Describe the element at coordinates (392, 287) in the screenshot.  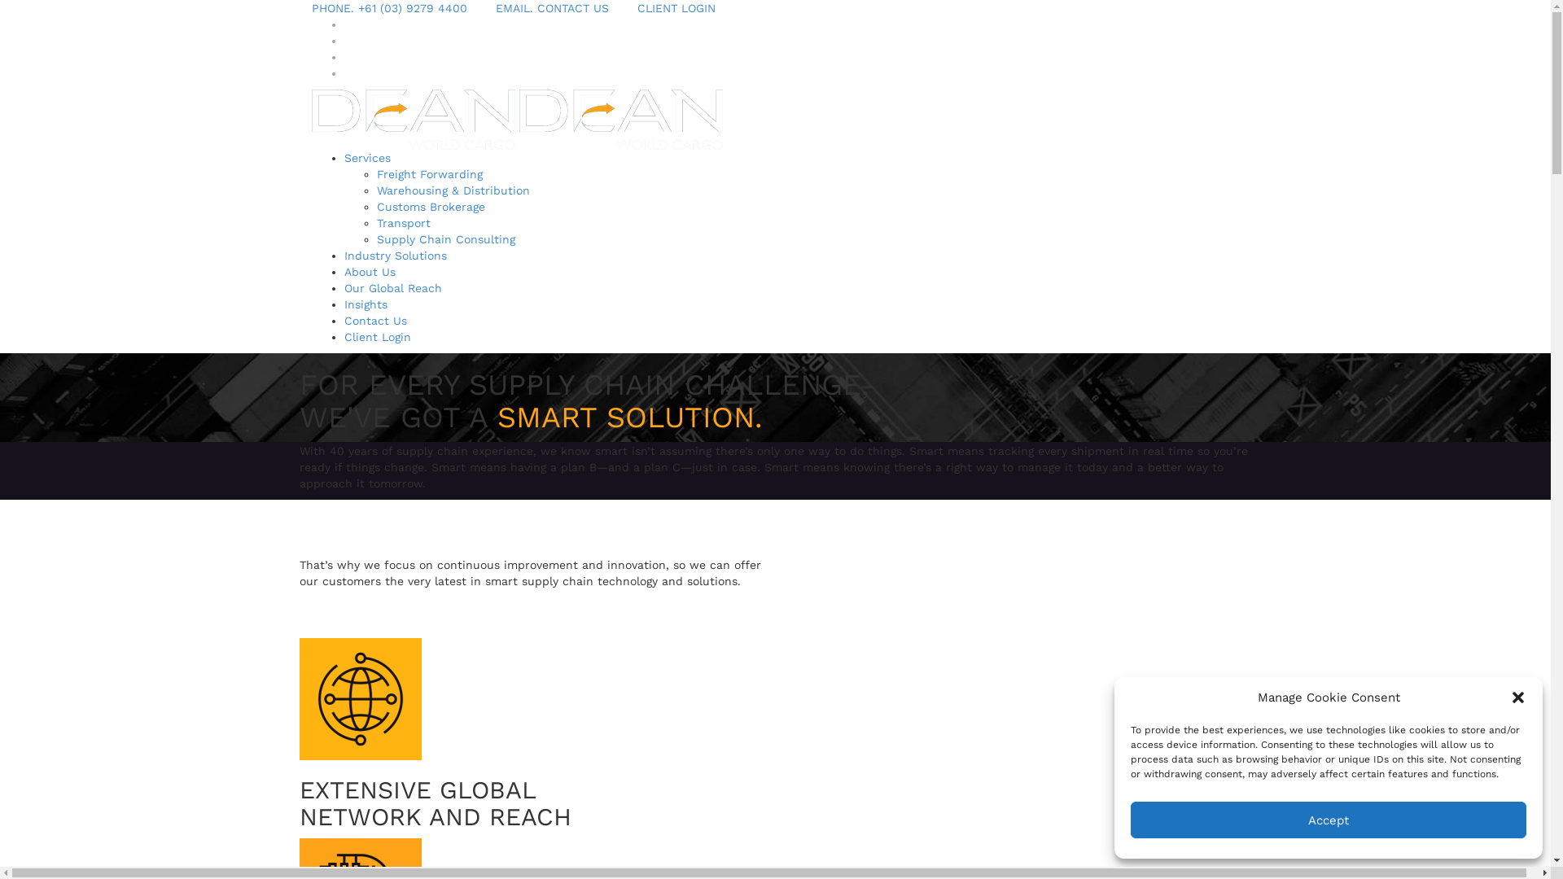
I see `'Our Global Reach'` at that location.